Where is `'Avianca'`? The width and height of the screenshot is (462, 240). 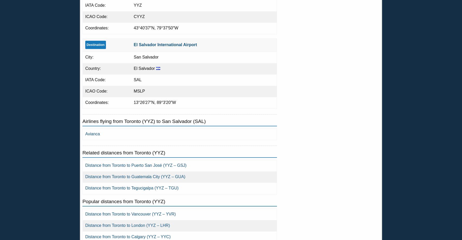 'Avianca' is located at coordinates (92, 134).